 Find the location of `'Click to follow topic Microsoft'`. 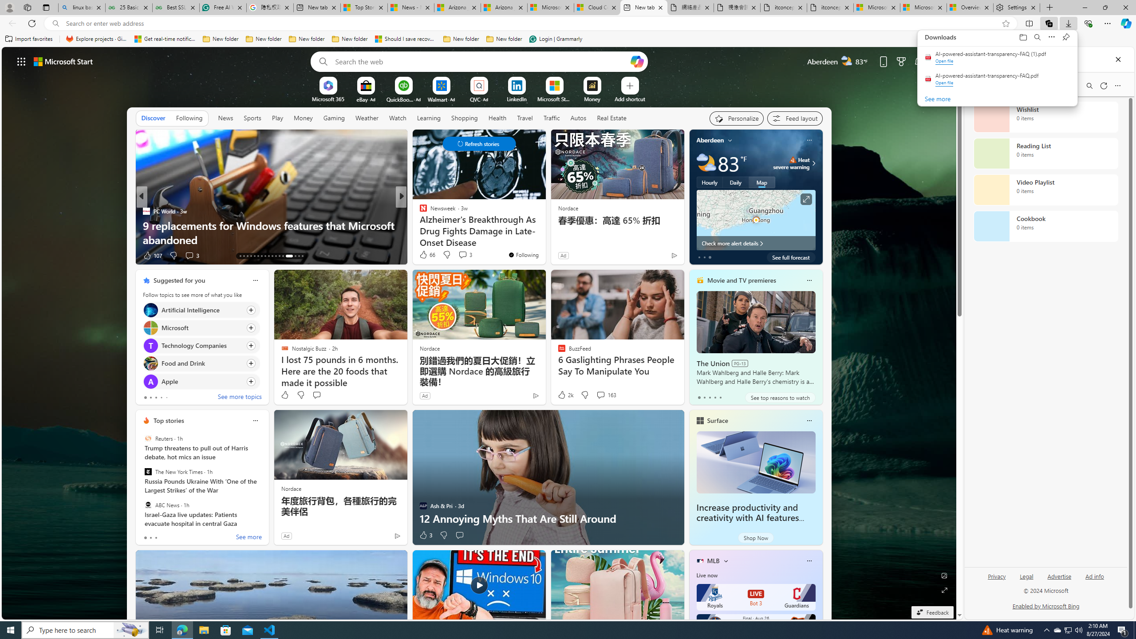

'Click to follow topic Microsoft' is located at coordinates (201, 327).